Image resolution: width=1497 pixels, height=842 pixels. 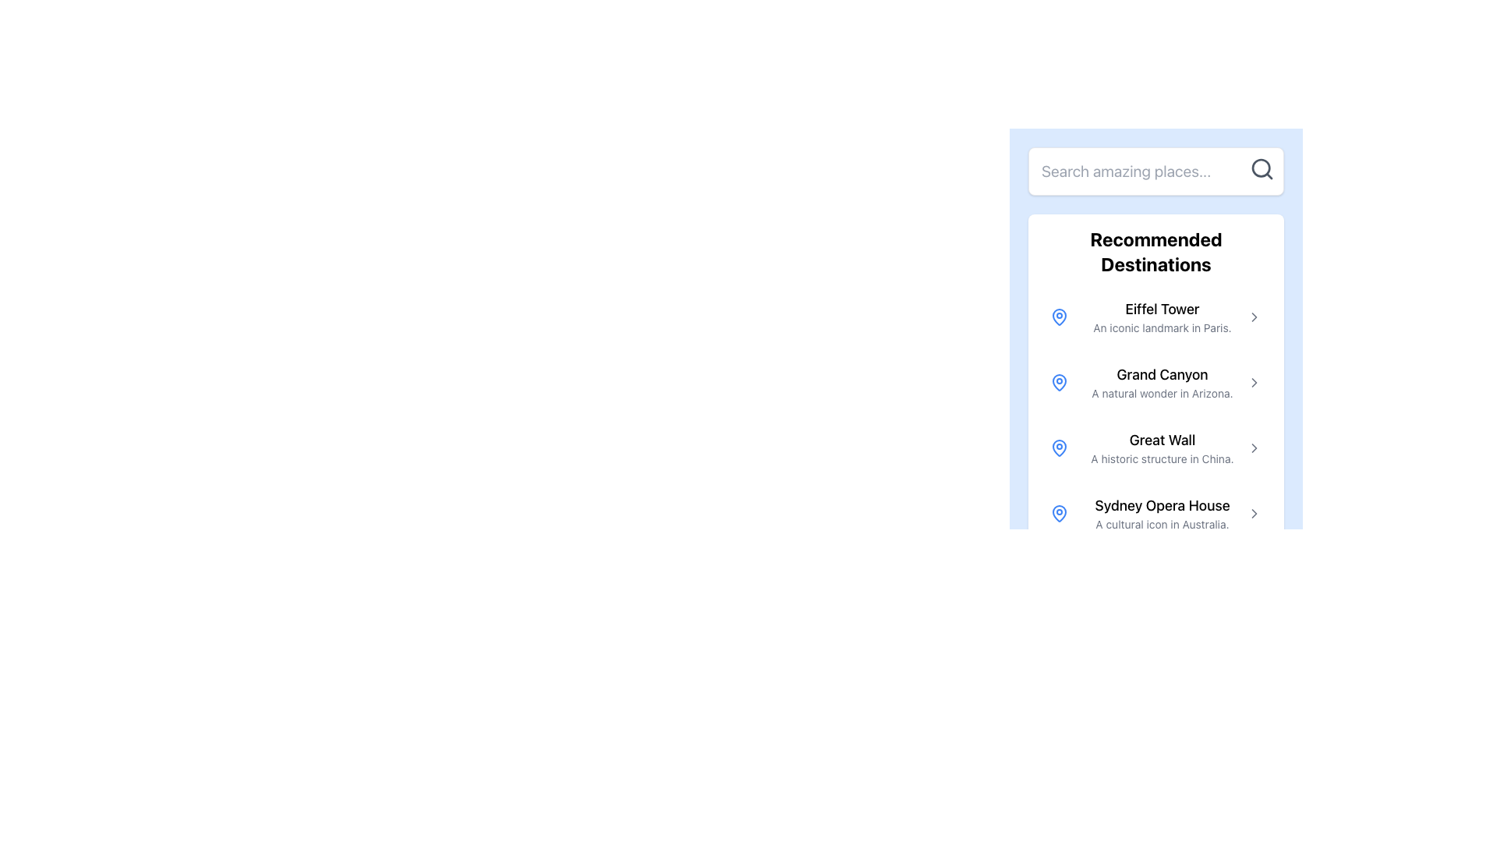 What do you see at coordinates (1163, 440) in the screenshot?
I see `the bold title text 'Great Wall' in the third listing item of the 'Recommended Destinations' section, which is located to the right of a blue location icon` at bounding box center [1163, 440].